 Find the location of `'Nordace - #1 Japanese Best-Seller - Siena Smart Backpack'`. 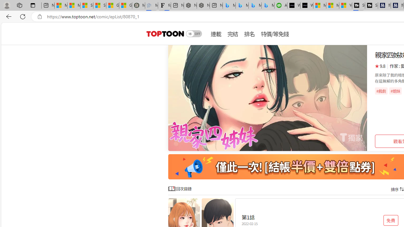

'Nordace - #1 Japanese Best-Seller - Siena Smart Backpack' is located at coordinates (203, 5).